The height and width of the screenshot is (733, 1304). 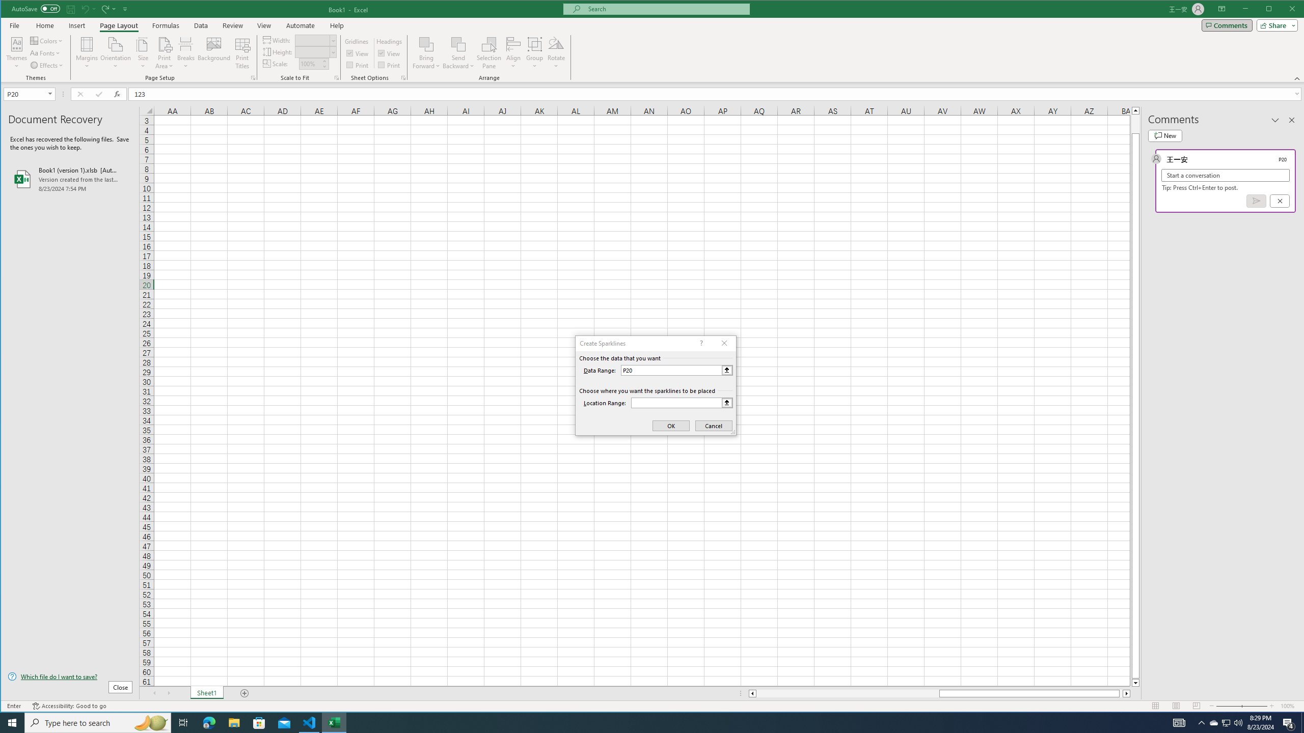 I want to click on 'Page up', so click(x=1135, y=123).